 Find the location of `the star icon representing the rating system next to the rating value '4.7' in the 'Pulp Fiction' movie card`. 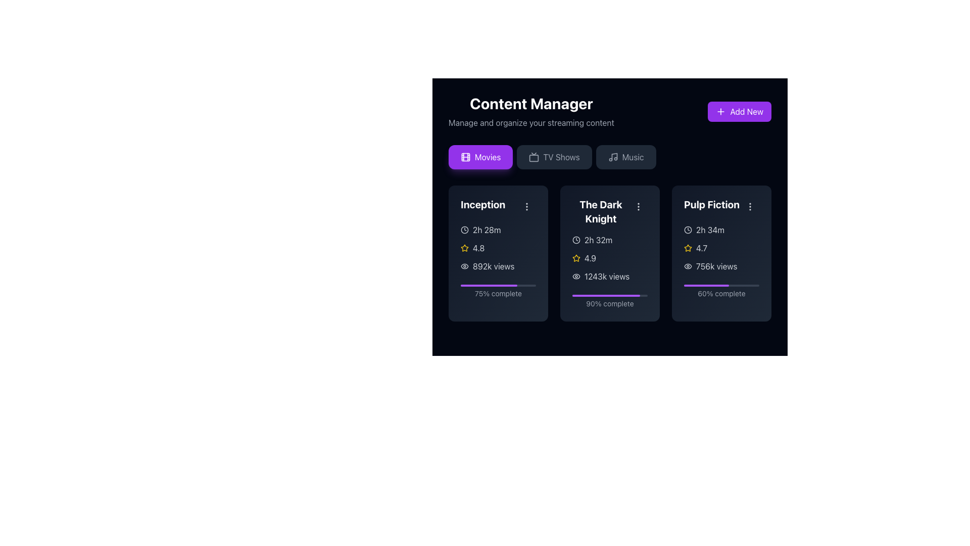

the star icon representing the rating system next to the rating value '4.7' in the 'Pulp Fiction' movie card is located at coordinates (688, 248).